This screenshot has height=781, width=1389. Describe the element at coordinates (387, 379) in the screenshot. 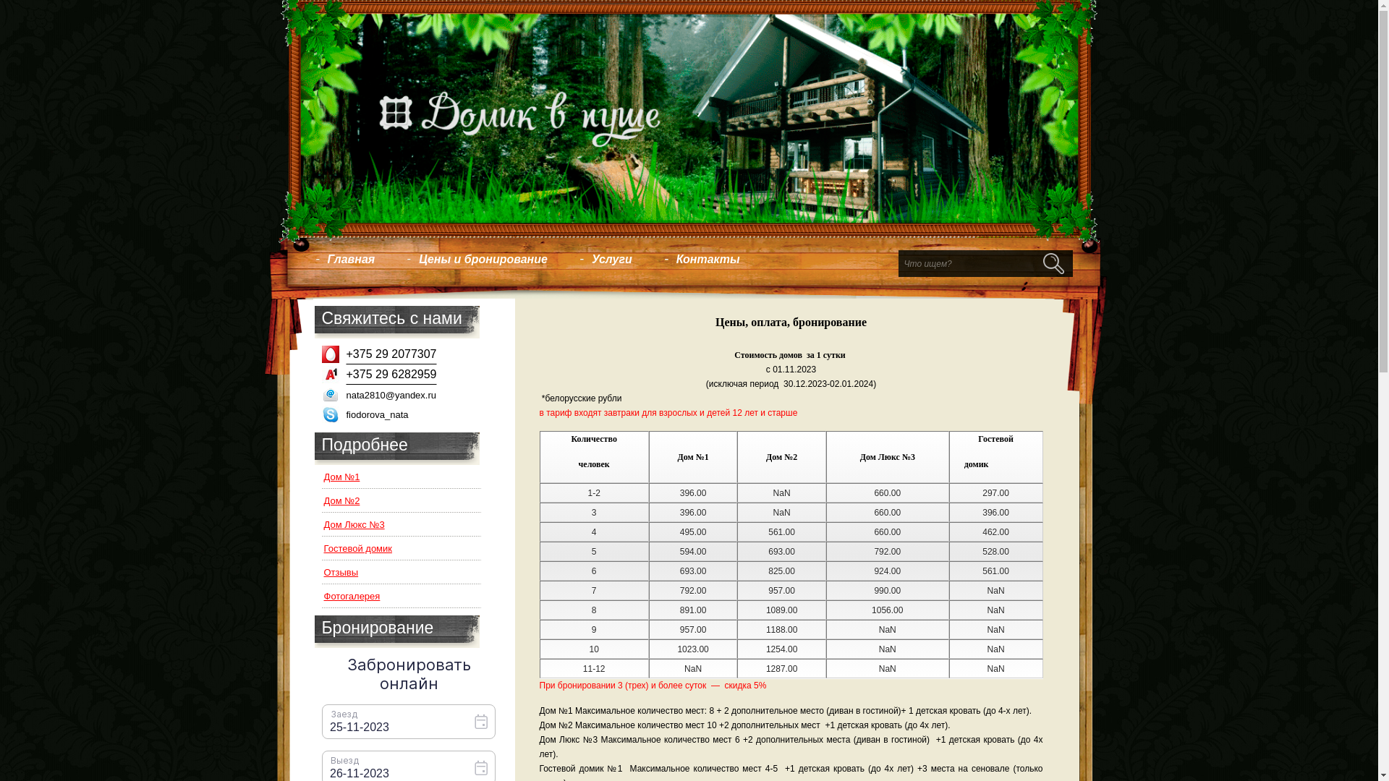

I see `'+375 29 6282959'` at that location.